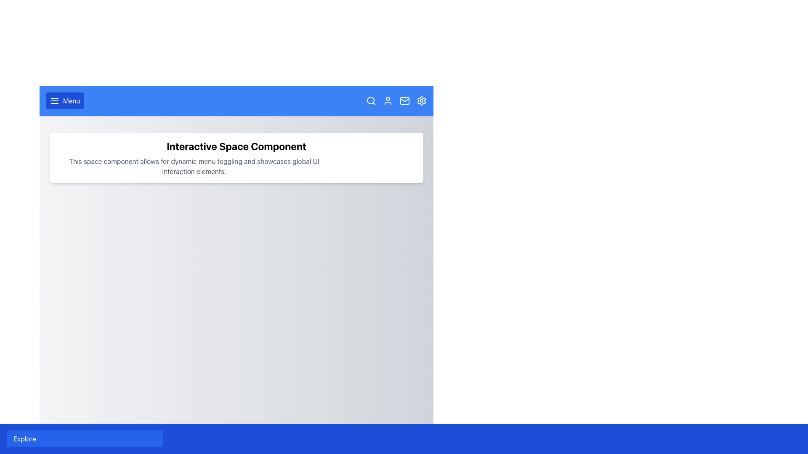  I want to click on the magnifying glass icon on the top navigation bar, so click(371, 100).